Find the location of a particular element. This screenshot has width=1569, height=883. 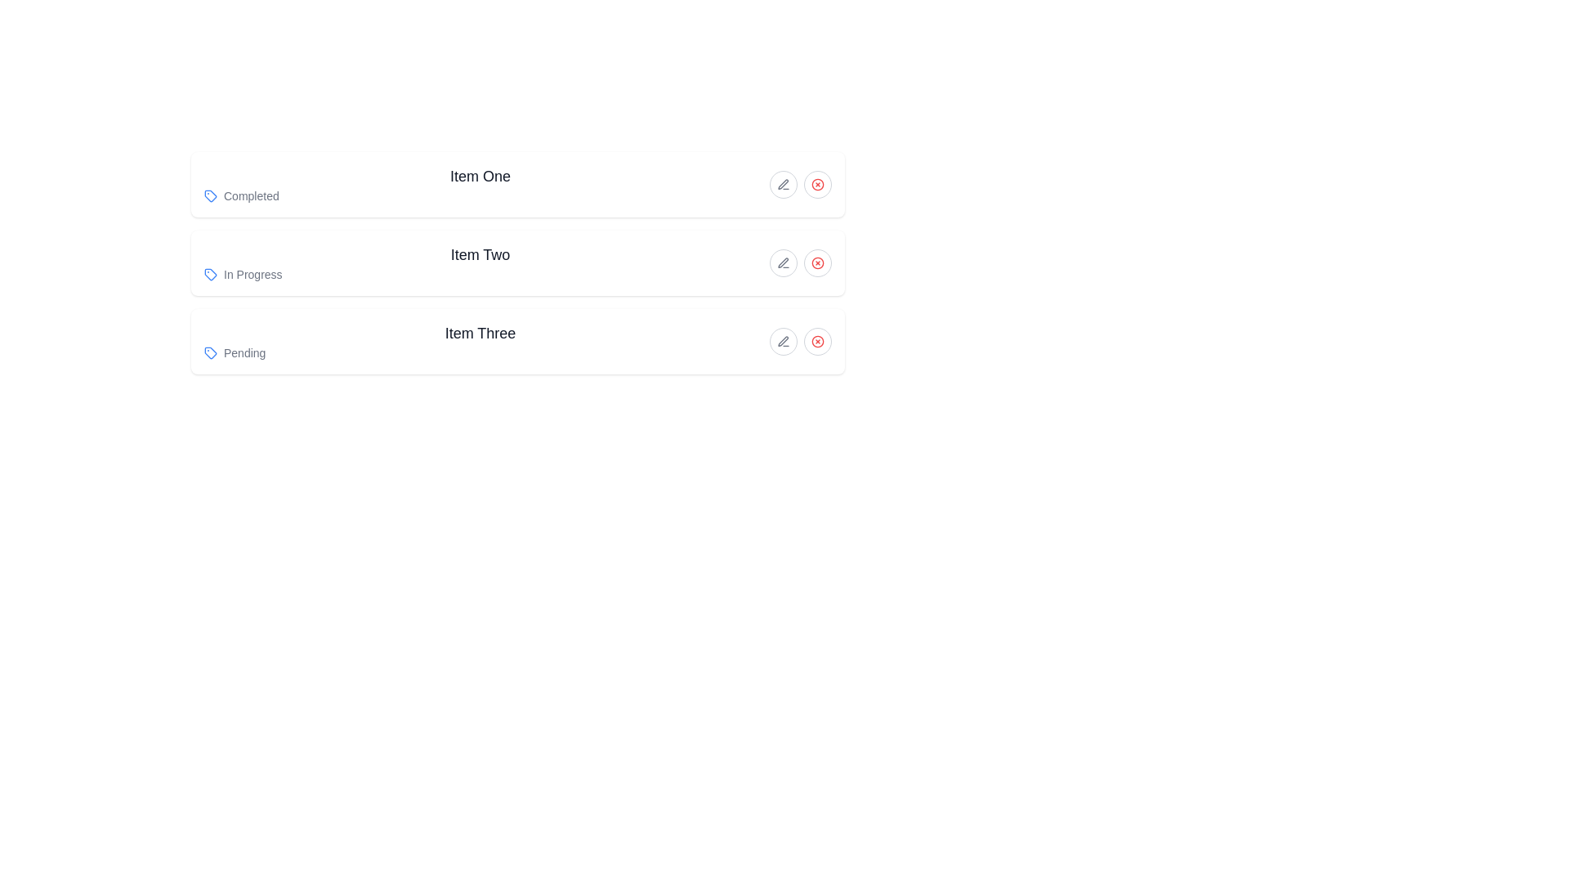

the Status label with an icon located in the 'Item Two' section is located at coordinates (480, 273).